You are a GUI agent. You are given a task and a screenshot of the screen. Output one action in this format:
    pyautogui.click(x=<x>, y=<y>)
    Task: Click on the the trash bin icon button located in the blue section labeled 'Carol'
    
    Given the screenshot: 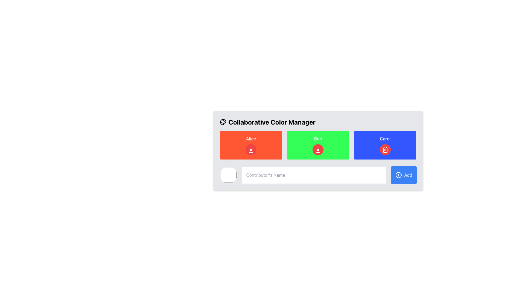 What is the action you would take?
    pyautogui.click(x=385, y=149)
    